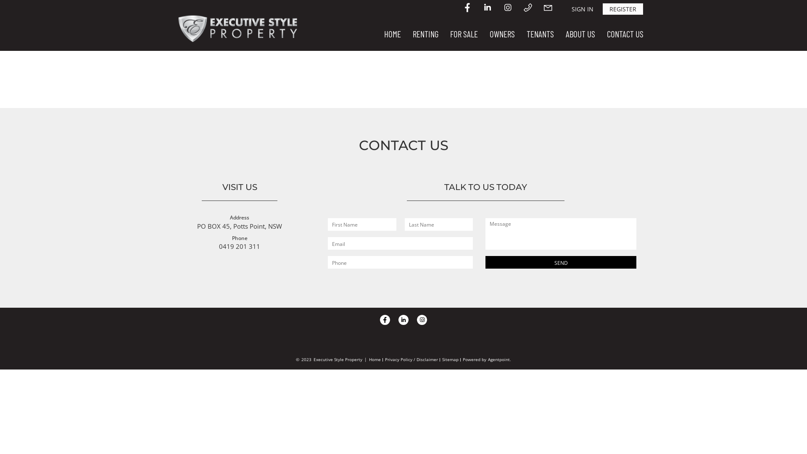 The width and height of the screenshot is (807, 454). What do you see at coordinates (425, 34) in the screenshot?
I see `'RENTING'` at bounding box center [425, 34].